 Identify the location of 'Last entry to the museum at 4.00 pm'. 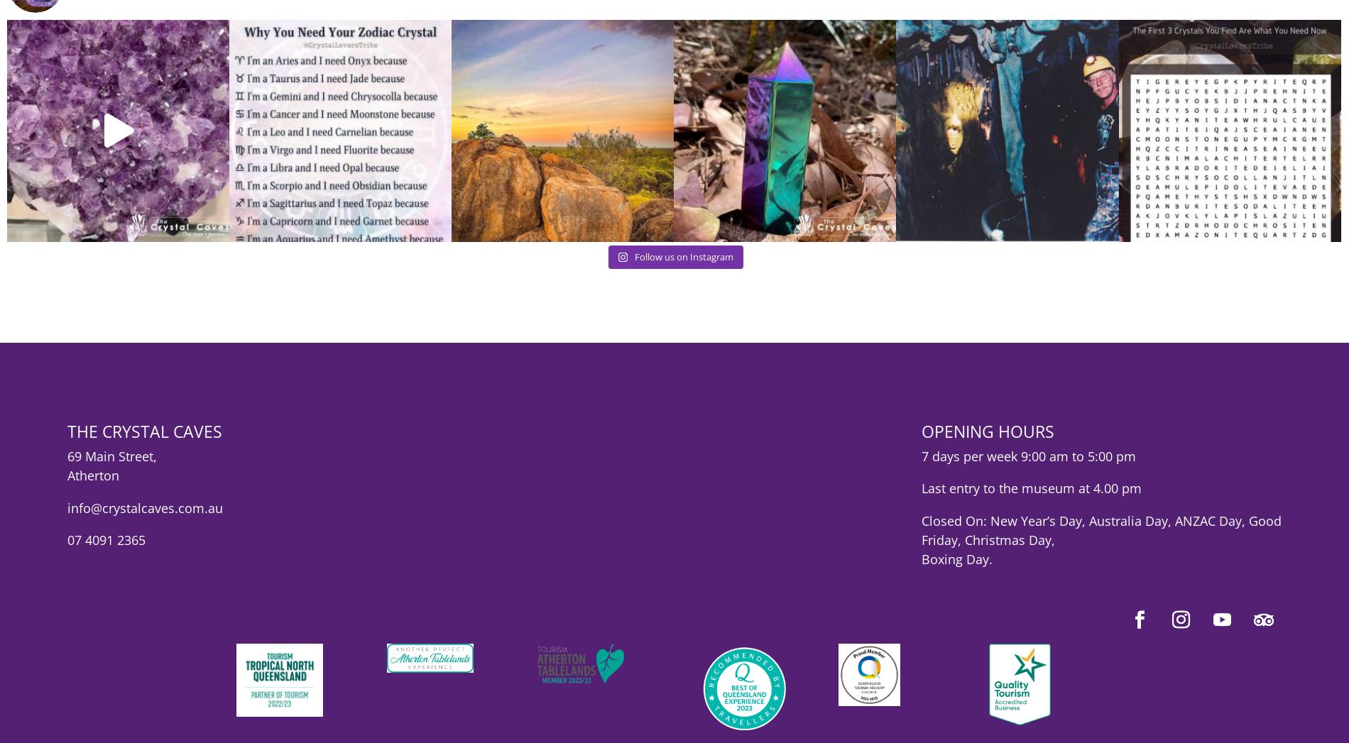
(1030, 497).